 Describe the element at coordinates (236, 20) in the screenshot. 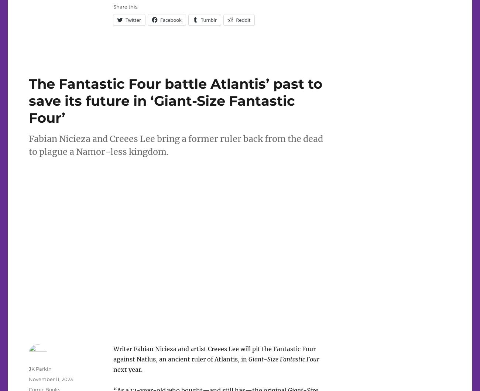

I see `'Reddit'` at that location.